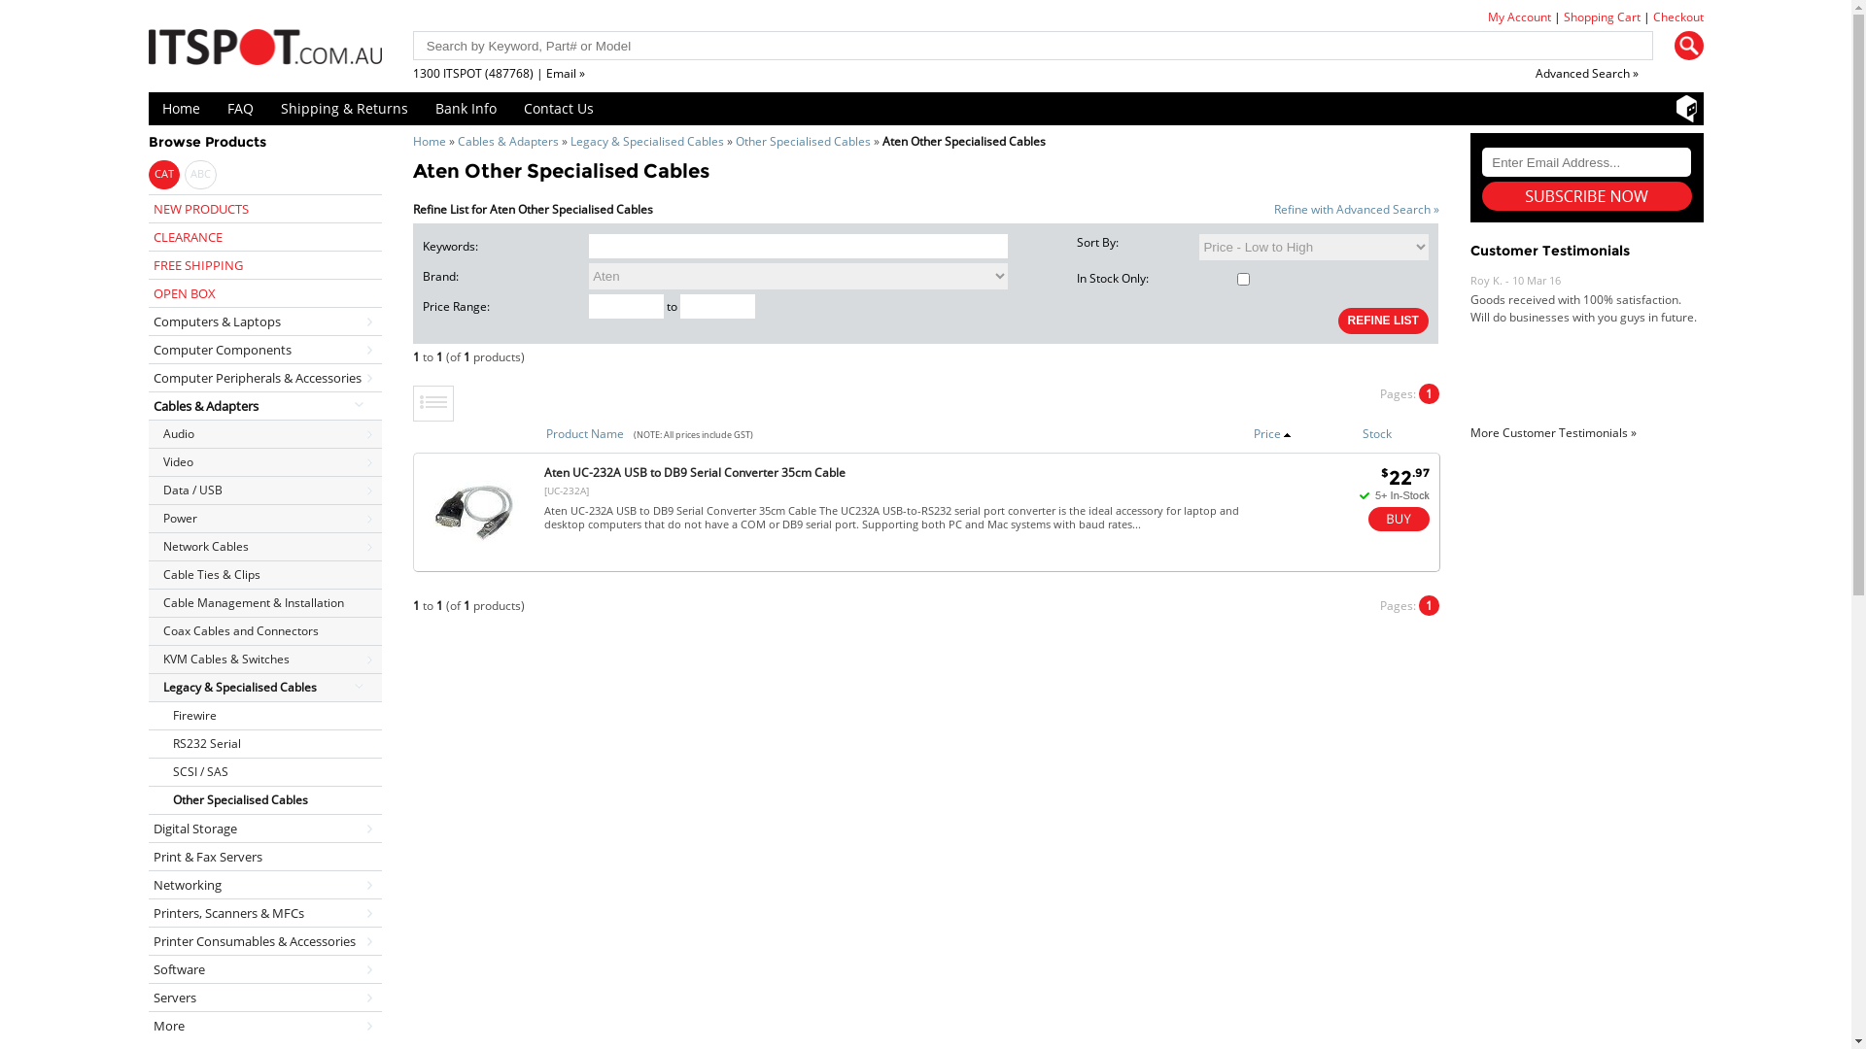  What do you see at coordinates (1517, 17) in the screenshot?
I see `'My Account'` at bounding box center [1517, 17].